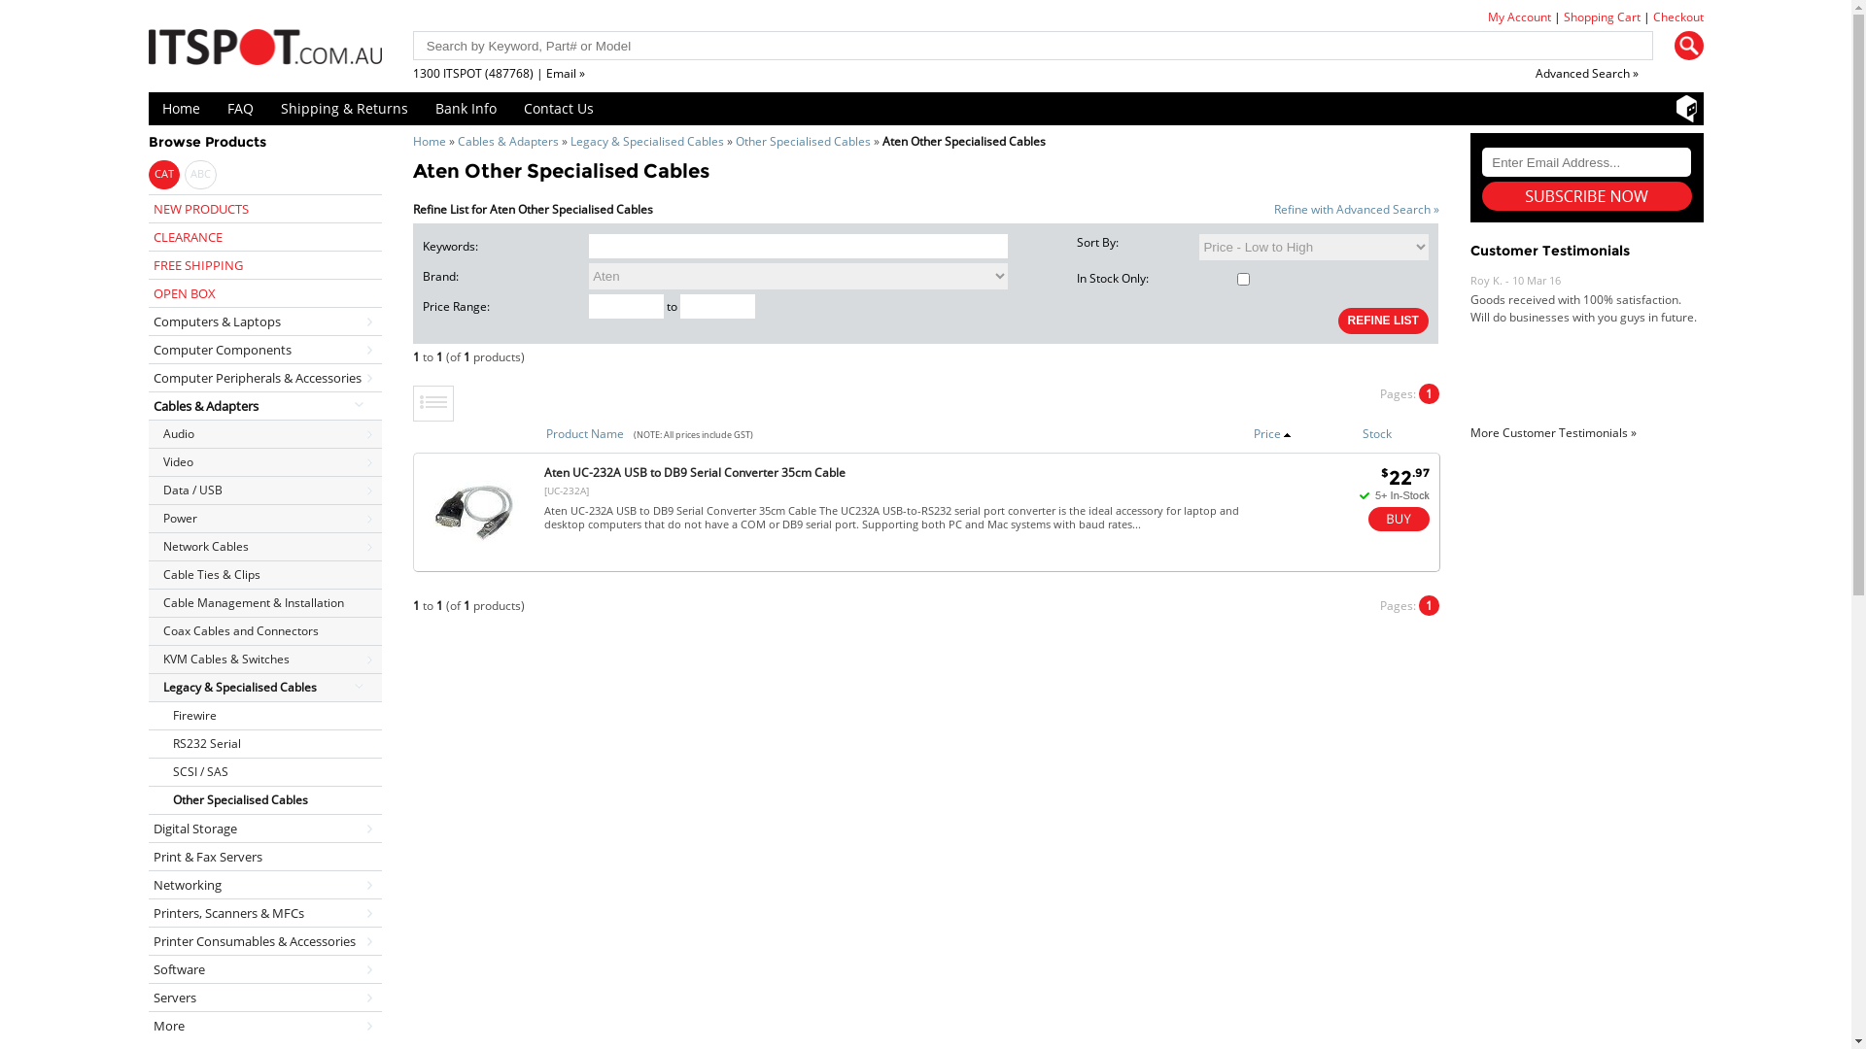  What do you see at coordinates (1517, 17) in the screenshot?
I see `'My Account'` at bounding box center [1517, 17].